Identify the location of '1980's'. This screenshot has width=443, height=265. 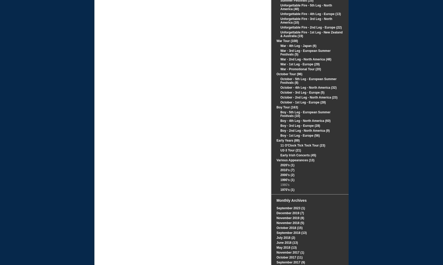
(280, 185).